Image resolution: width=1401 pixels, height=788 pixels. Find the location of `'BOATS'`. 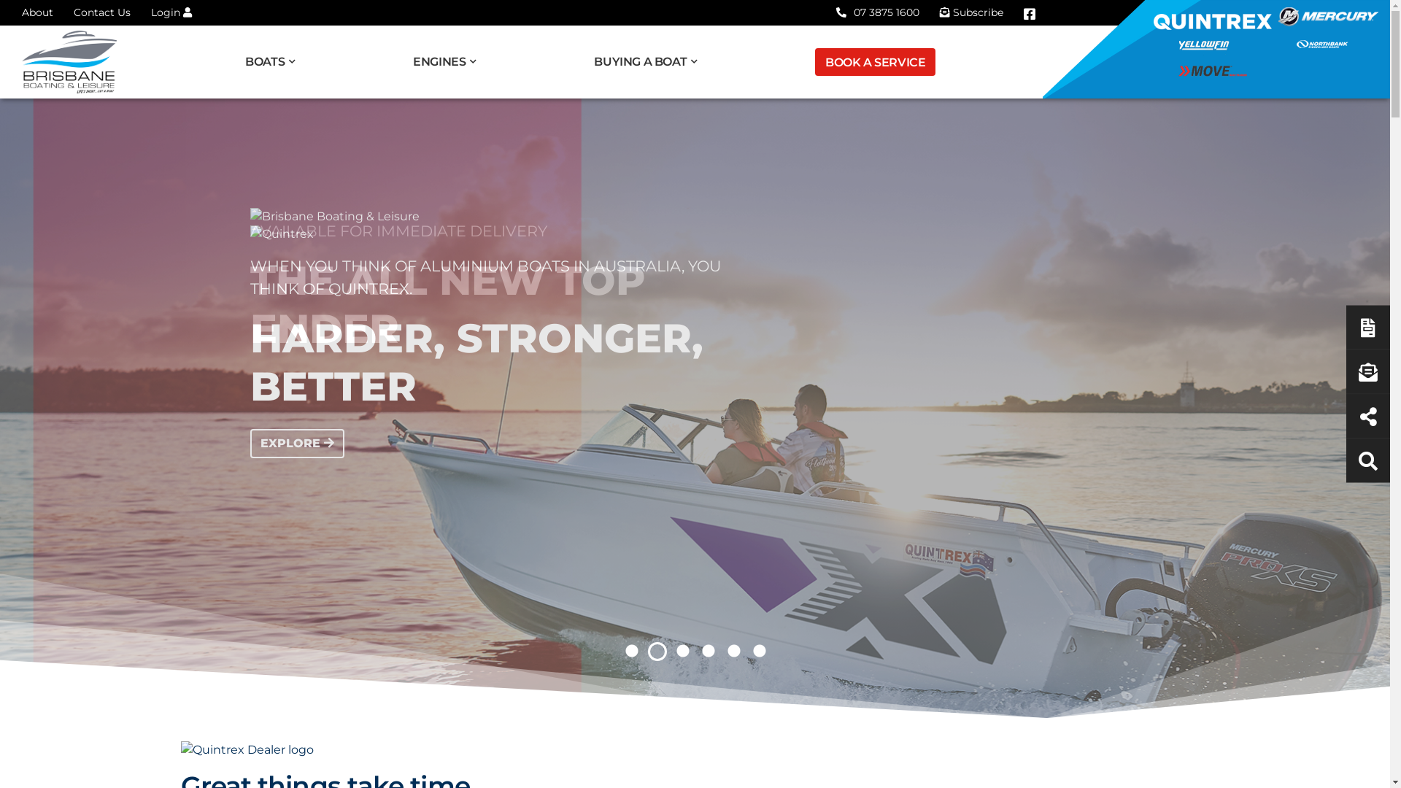

'BOATS' is located at coordinates (276, 61).